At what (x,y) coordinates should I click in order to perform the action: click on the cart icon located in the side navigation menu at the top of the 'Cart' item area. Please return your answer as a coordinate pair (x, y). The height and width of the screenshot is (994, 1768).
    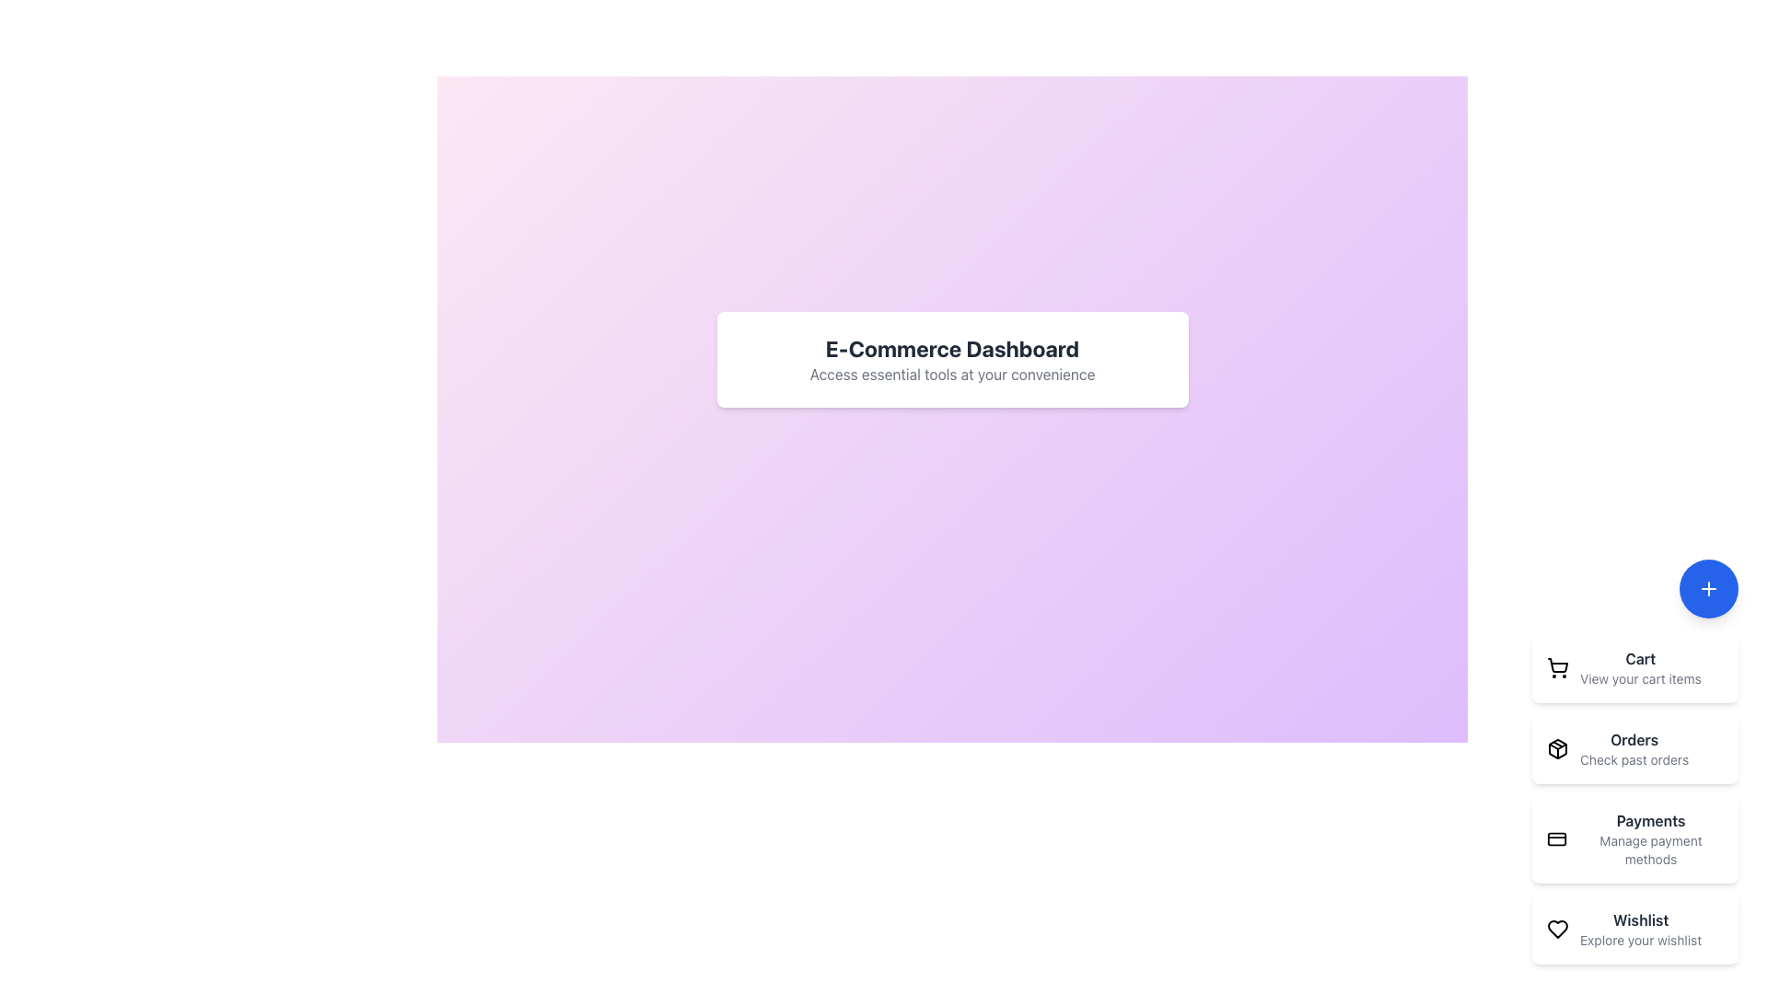
    Looking at the image, I should click on (1557, 665).